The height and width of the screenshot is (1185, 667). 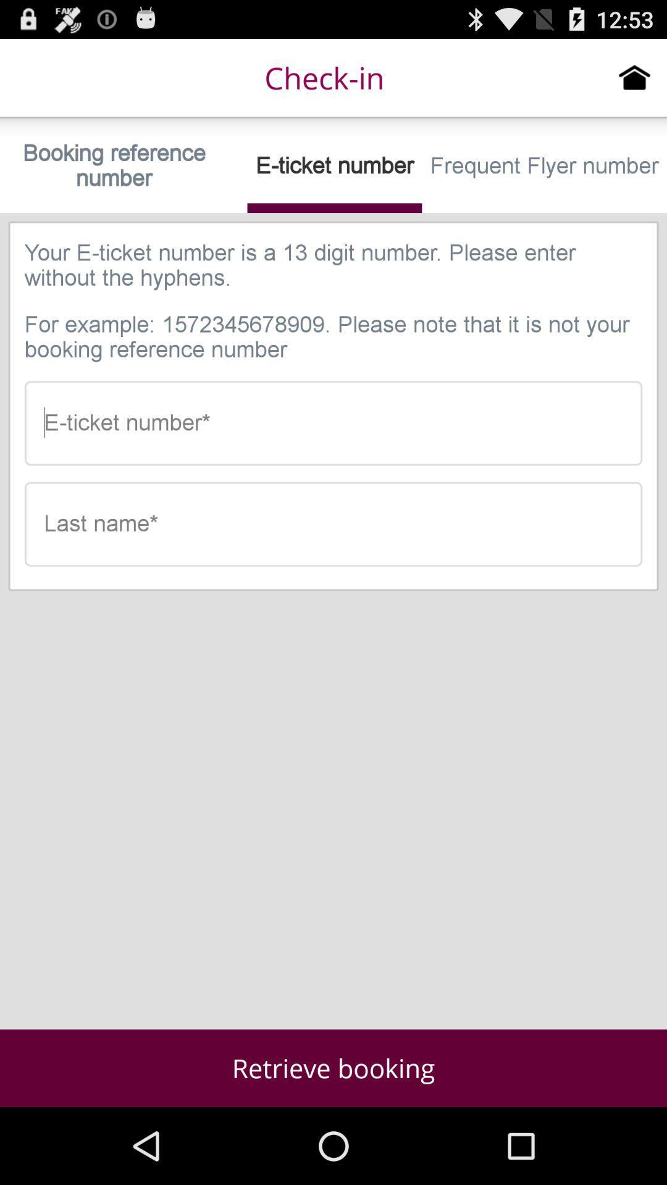 I want to click on the icon above your e ticket item, so click(x=543, y=165).